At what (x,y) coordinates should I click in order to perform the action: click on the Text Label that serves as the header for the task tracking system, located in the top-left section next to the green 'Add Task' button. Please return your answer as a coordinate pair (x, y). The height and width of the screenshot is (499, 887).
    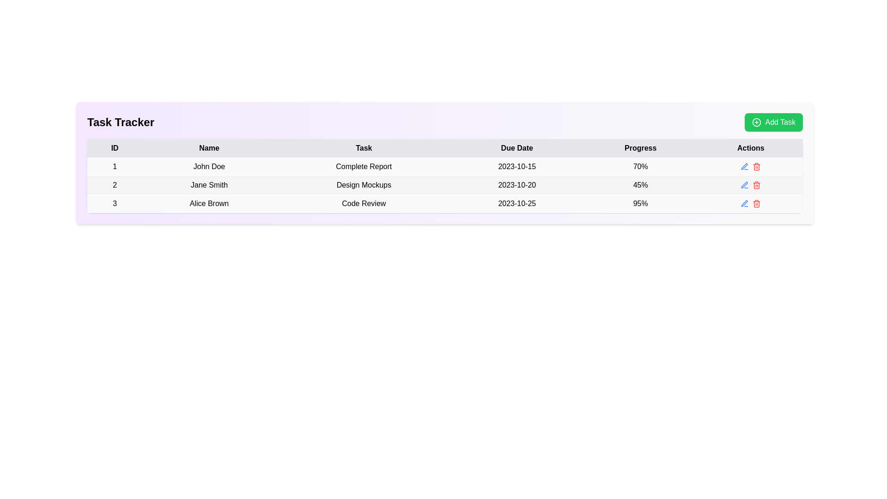
    Looking at the image, I should click on (120, 122).